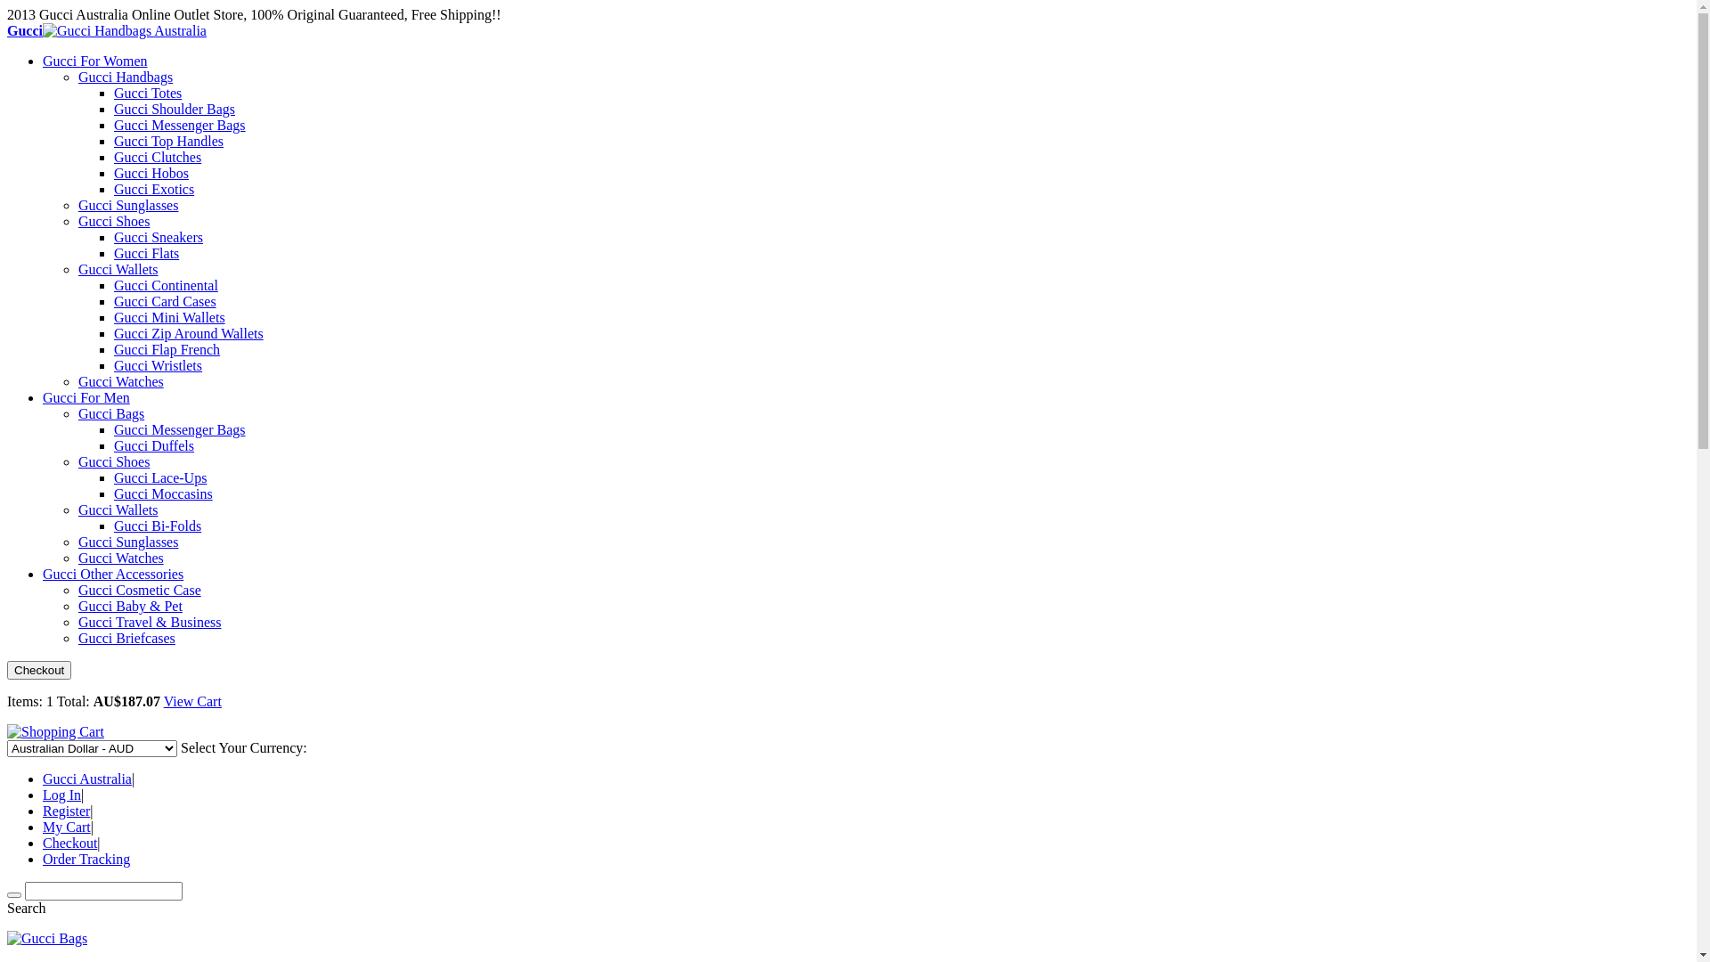  Describe the element at coordinates (113, 220) in the screenshot. I see `'Gucci Shoes'` at that location.